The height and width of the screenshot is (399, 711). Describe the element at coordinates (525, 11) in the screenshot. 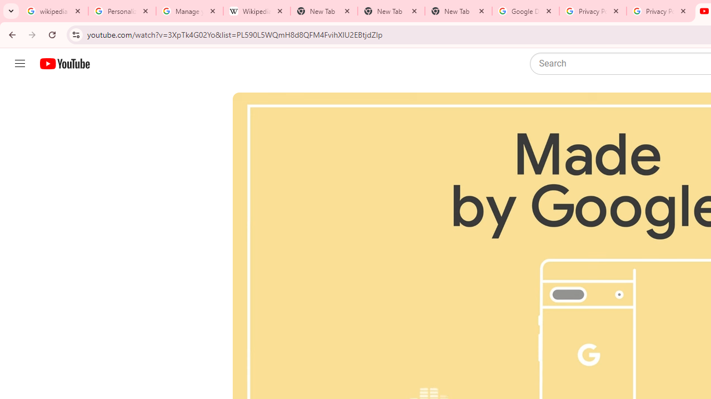

I see `'Google Drive: Sign-in'` at that location.